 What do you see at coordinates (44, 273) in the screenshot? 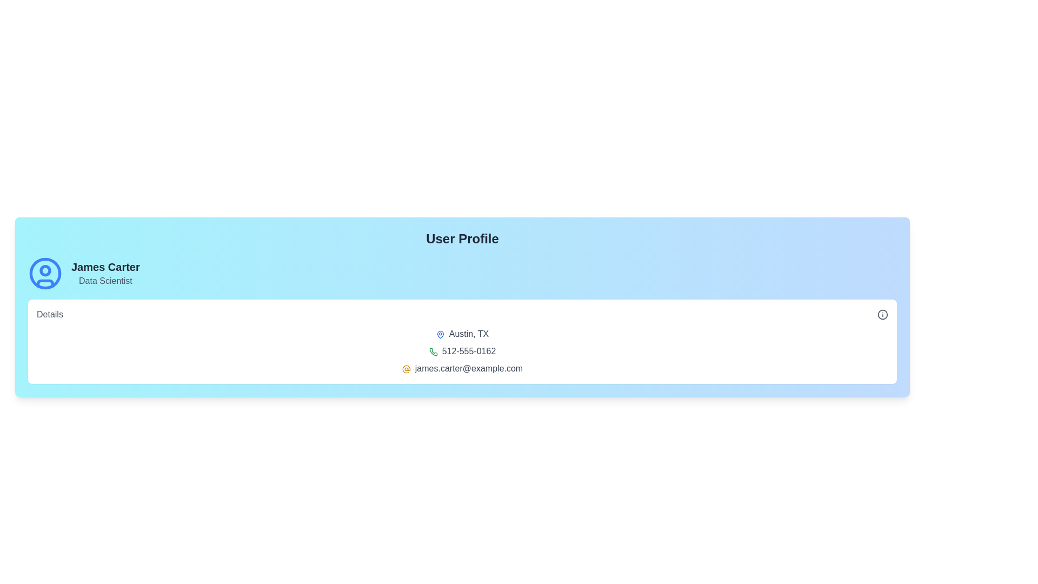
I see `the user profile icon represented as a blue outlined SVG graphic, located in the header section of the user profile card, adjacent to the text 'James Carter'` at bounding box center [44, 273].